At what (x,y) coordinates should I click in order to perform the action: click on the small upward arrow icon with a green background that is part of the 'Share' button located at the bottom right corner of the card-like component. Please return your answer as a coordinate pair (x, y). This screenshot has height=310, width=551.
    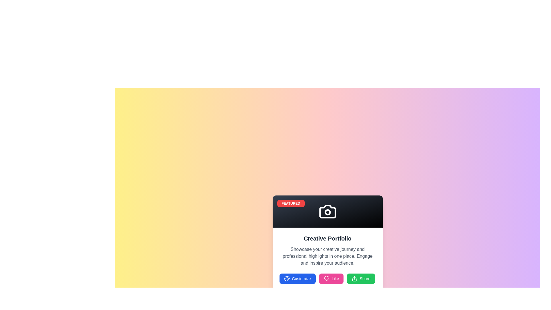
    Looking at the image, I should click on (354, 278).